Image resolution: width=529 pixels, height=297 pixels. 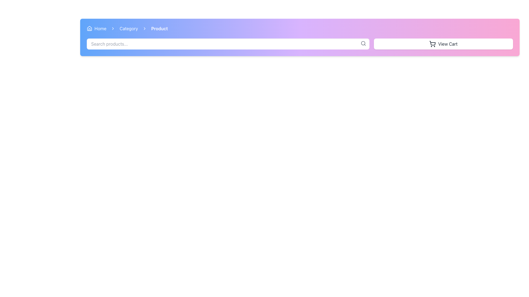 I want to click on the breadcrumb navigation link located between the 'Home' and 'Product' links, so click(x=128, y=29).